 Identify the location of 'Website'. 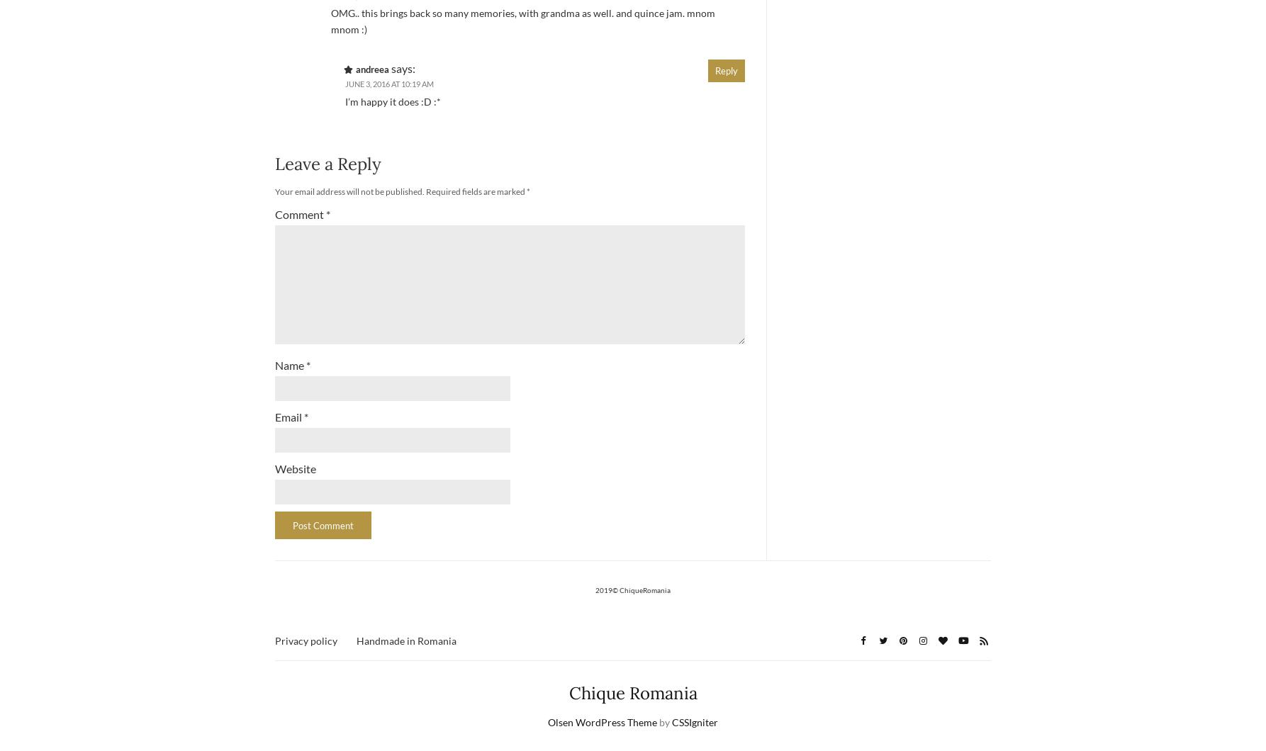
(296, 468).